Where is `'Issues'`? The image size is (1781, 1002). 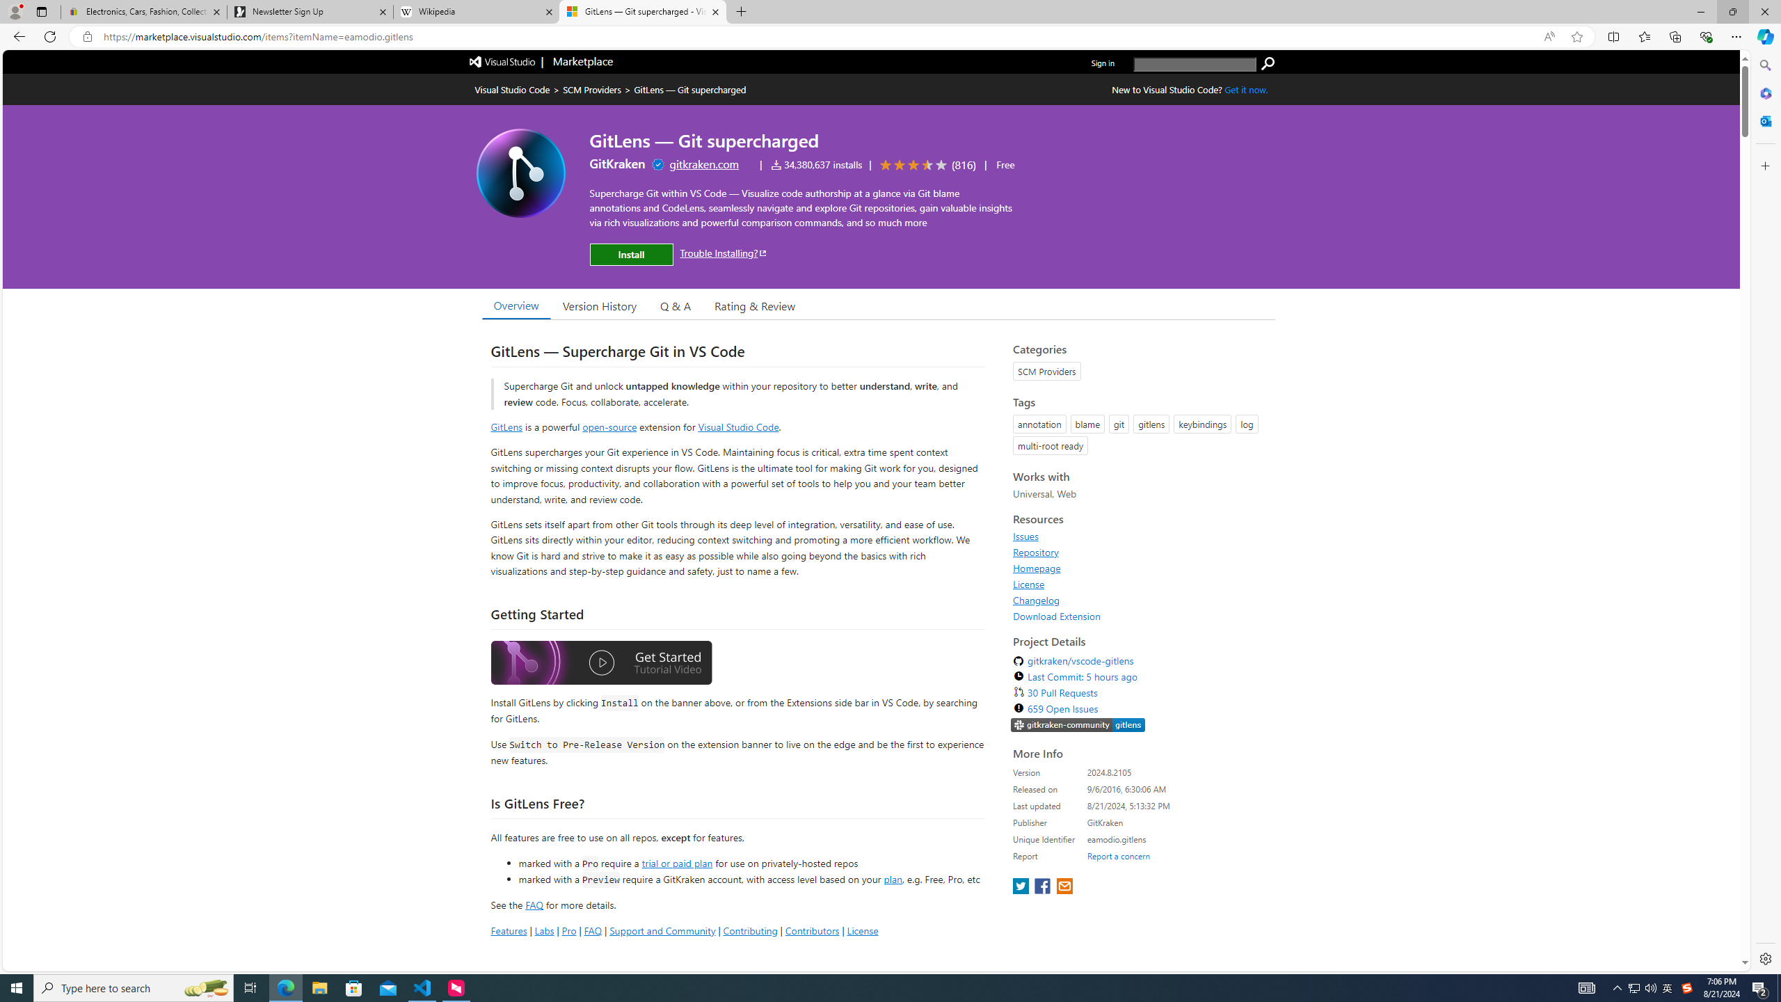
'Issues' is located at coordinates (1025, 535).